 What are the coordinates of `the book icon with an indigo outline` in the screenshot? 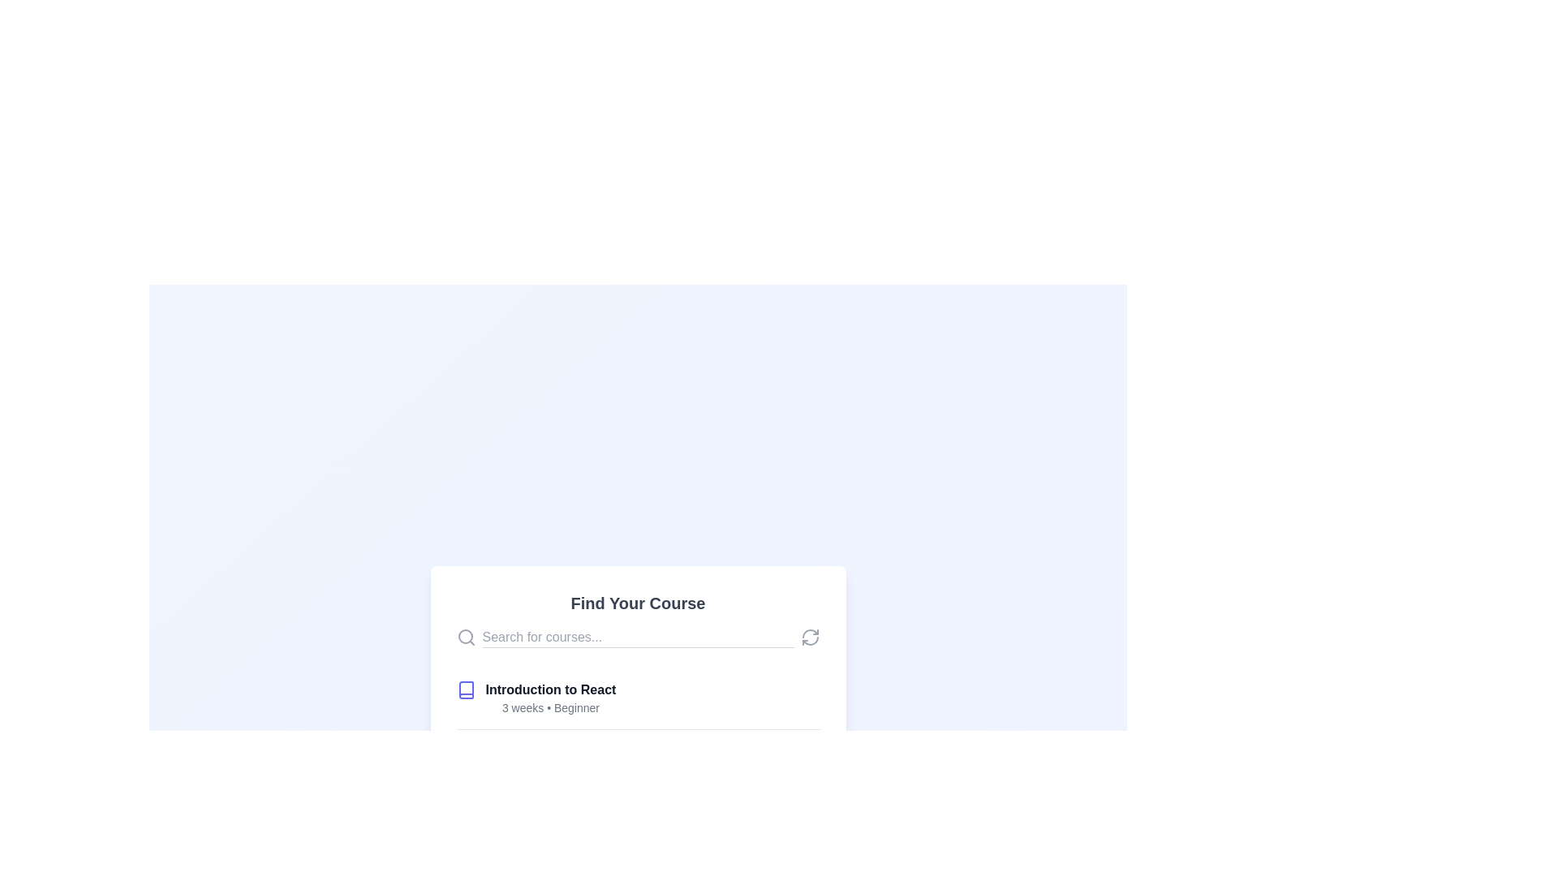 It's located at (465, 689).